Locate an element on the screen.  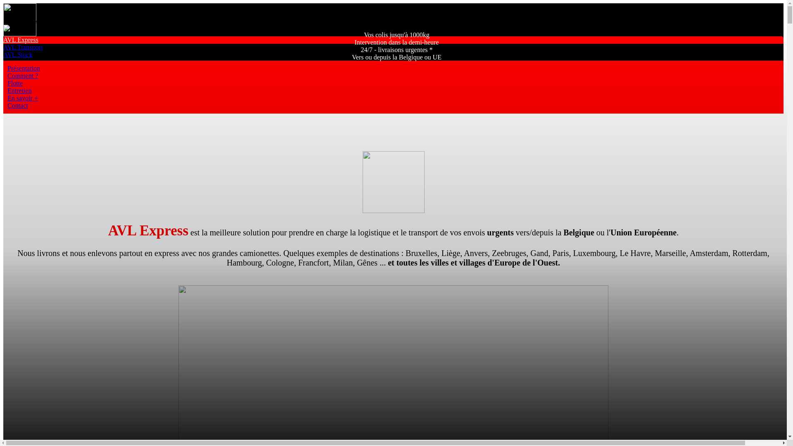
'Entretien' is located at coordinates (19, 90).